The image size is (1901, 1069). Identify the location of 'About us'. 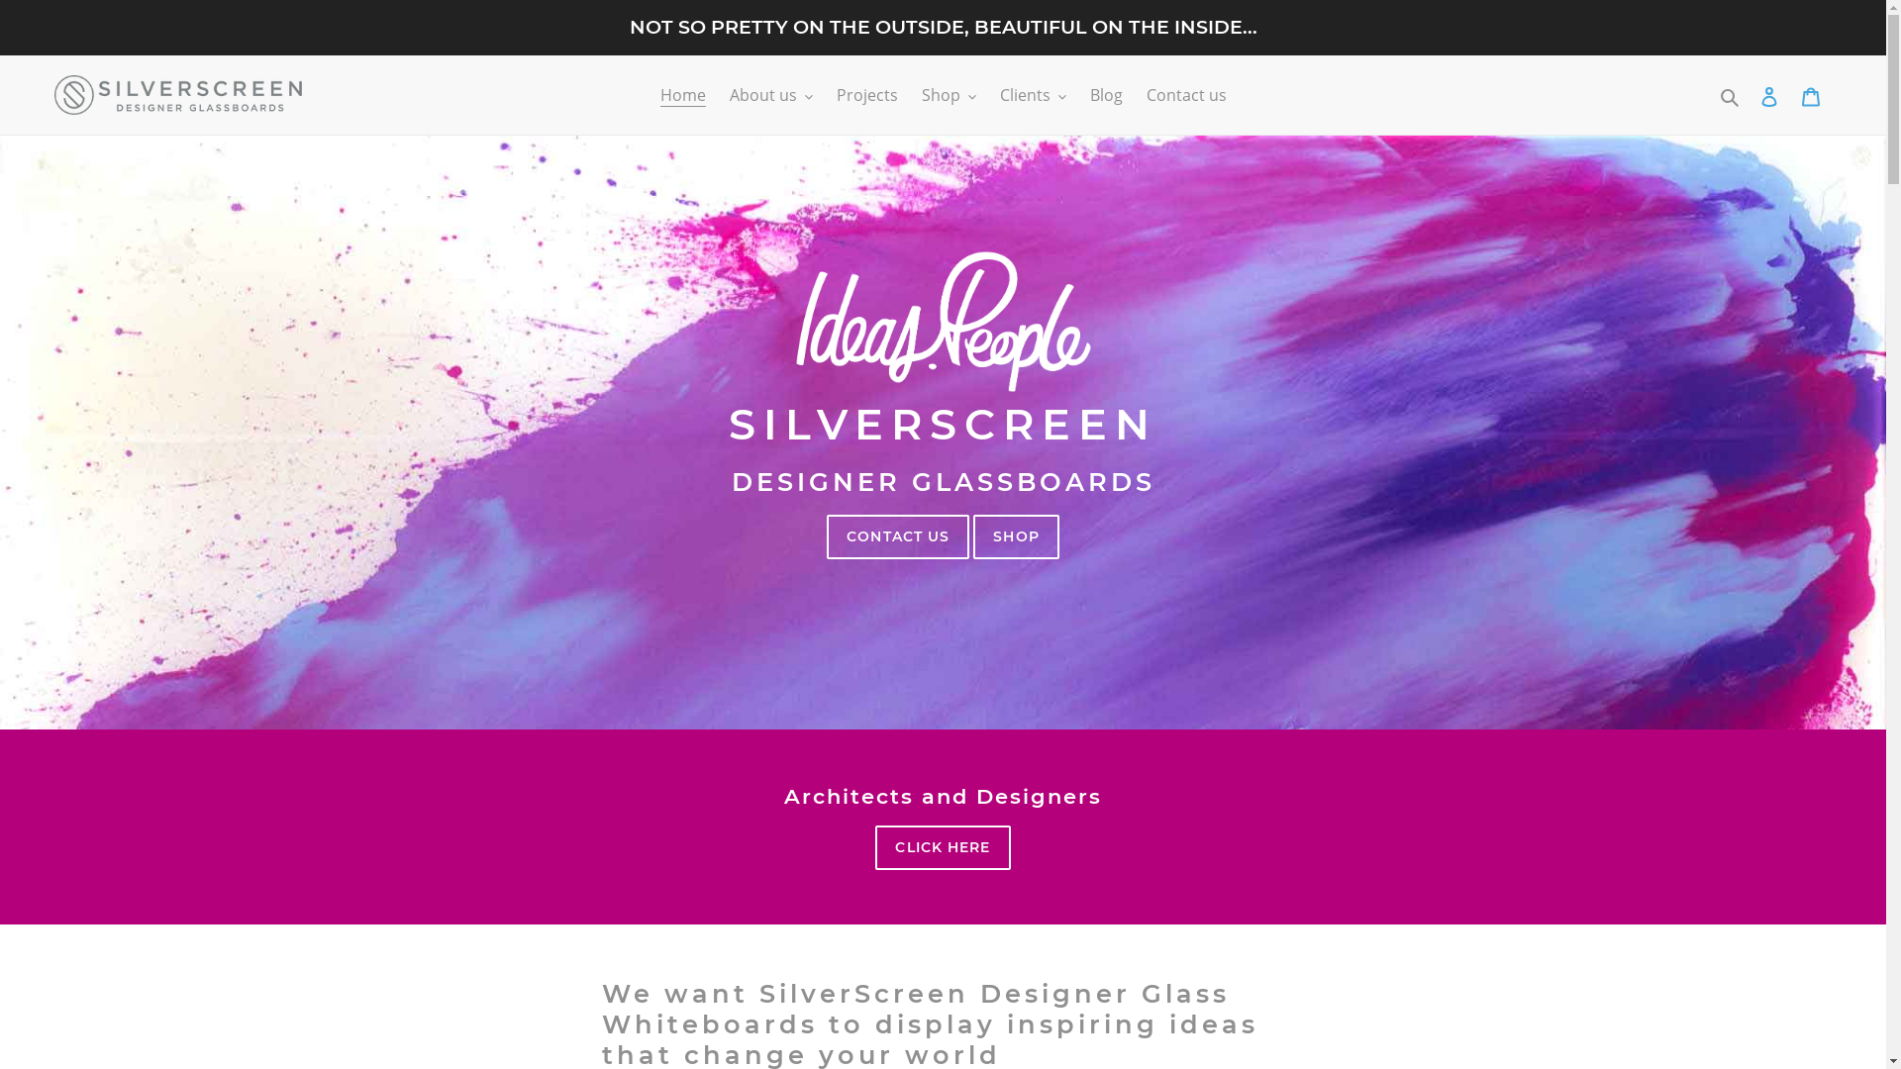
(768, 95).